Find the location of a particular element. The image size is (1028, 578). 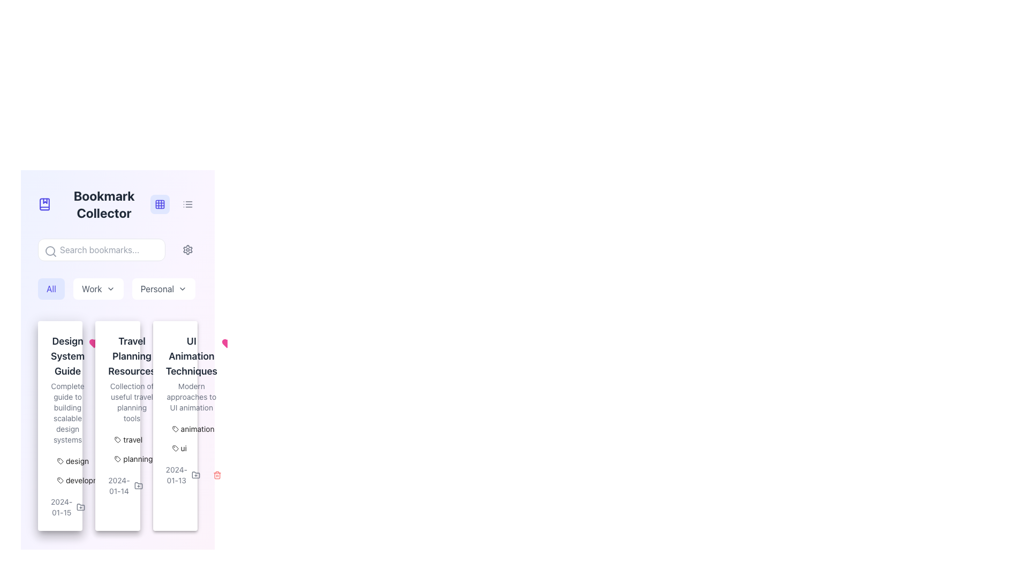

the interactive icon located in the top-right corner of the application, adjacent to the 'Bookmark Collector' title is located at coordinates (159, 204).